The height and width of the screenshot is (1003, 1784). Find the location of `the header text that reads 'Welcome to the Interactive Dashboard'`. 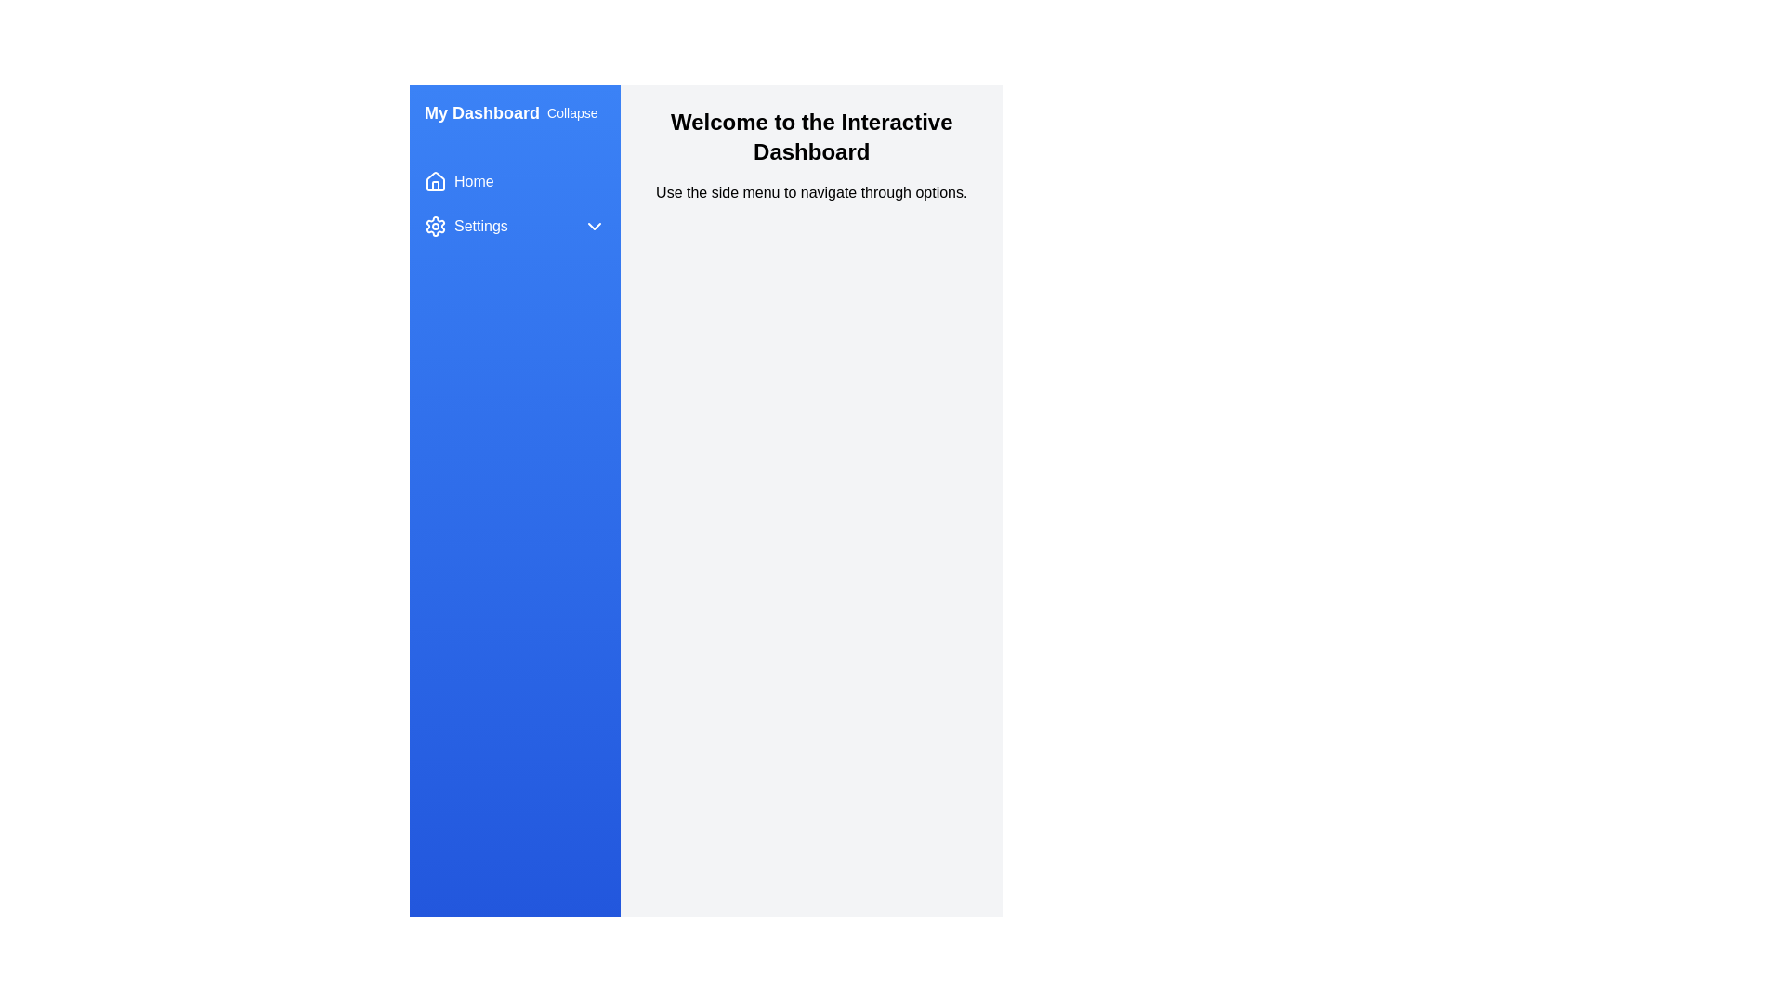

the header text that reads 'Welcome to the Interactive Dashboard' is located at coordinates (811, 136).